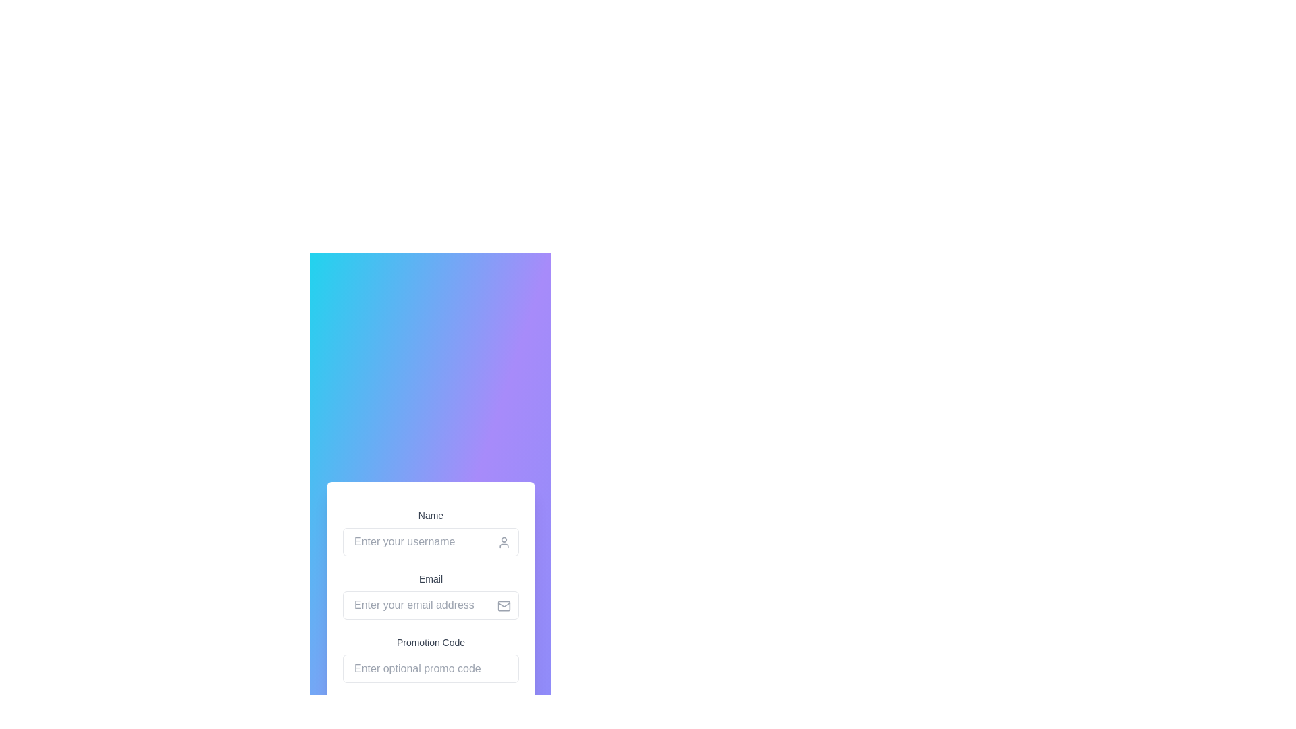 Image resolution: width=1296 pixels, height=729 pixels. Describe the element at coordinates (430, 658) in the screenshot. I see `the 'Promotion Code' text input field` at that location.